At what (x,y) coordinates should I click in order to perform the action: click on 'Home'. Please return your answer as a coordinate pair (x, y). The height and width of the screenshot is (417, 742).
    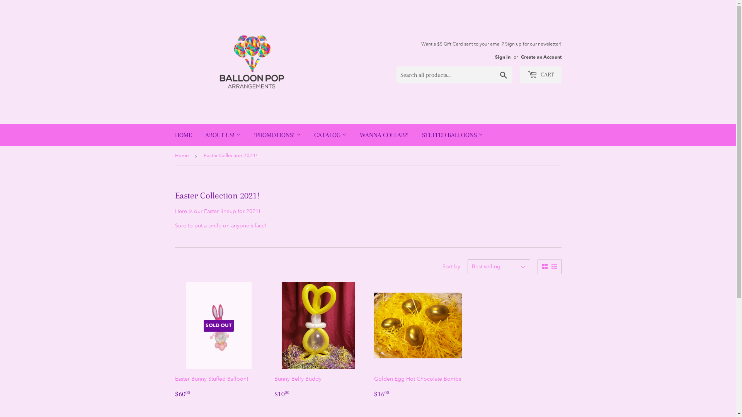
    Looking at the image, I should click on (174, 156).